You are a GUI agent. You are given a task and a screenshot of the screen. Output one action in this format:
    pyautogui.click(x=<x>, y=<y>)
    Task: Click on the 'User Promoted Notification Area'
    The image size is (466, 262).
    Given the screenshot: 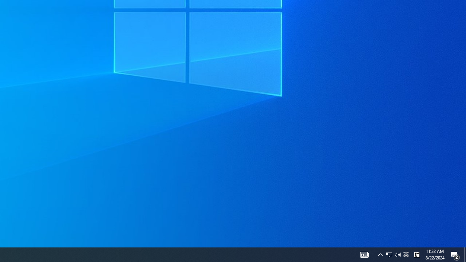 What is the action you would take?
    pyautogui.click(x=393, y=254)
    